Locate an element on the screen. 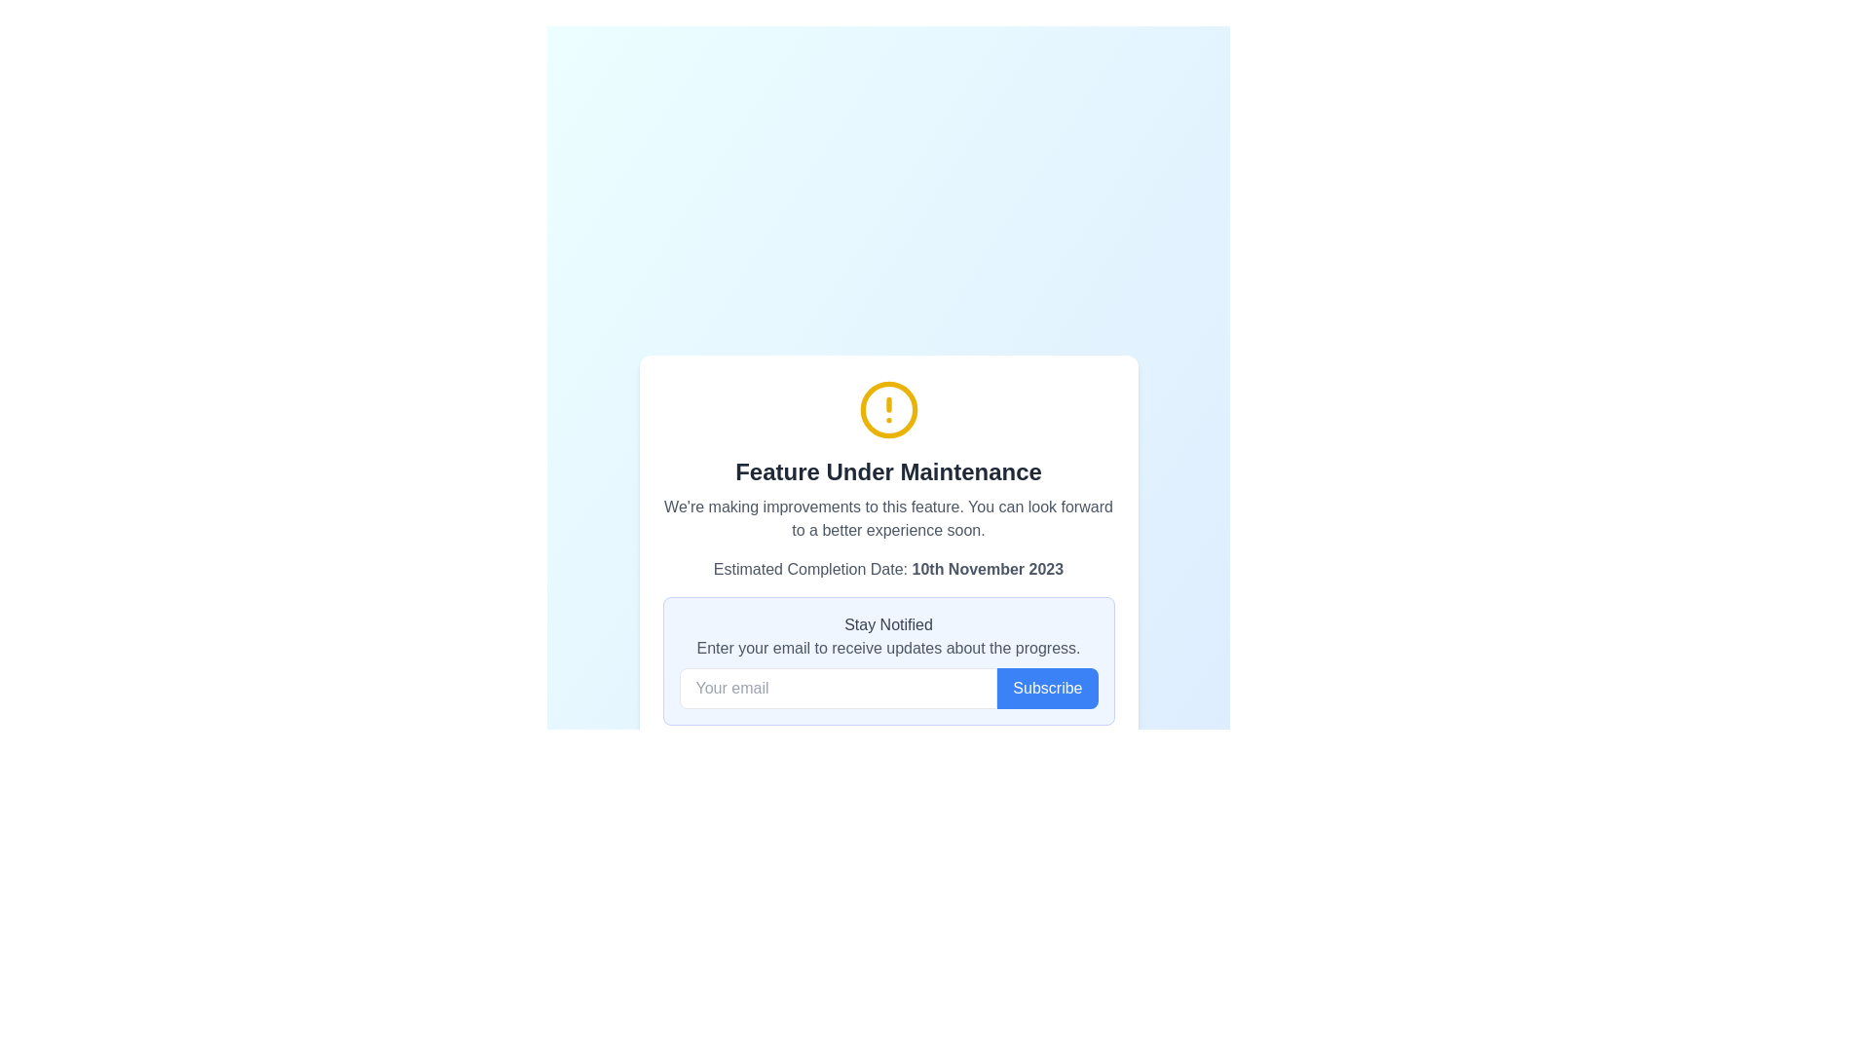 This screenshot has width=1870, height=1052. the static text label displaying the date '10th November 2023', which is located within a lighter gray section under the 'Feature Under Maintenance' heading is located at coordinates (988, 569).